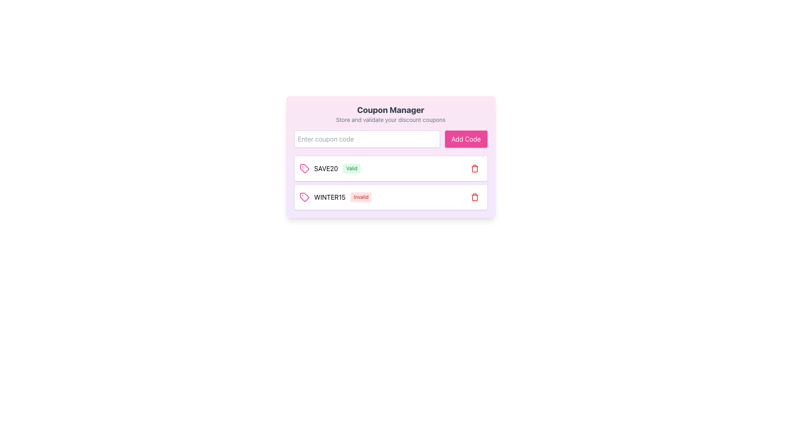 This screenshot has height=442, width=786. I want to click on the 'Coupon Manager' heading which is a bold, extra-large text element at the top of a card-style user interface, so click(390, 114).